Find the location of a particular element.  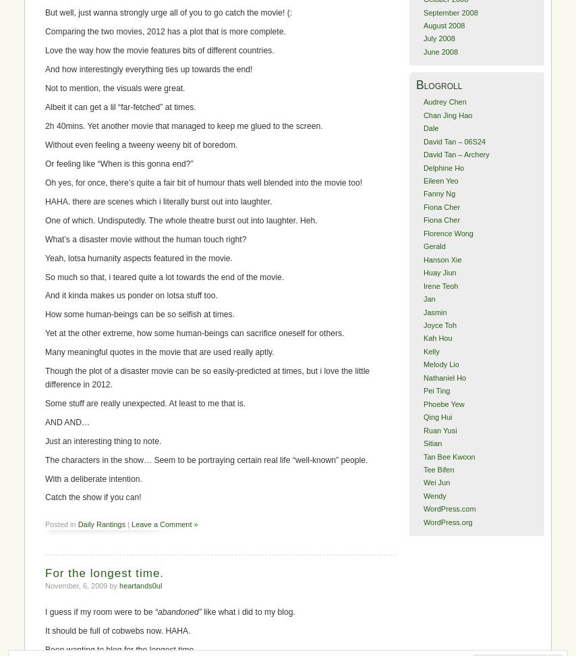

'Blogroll' is located at coordinates (415, 84).